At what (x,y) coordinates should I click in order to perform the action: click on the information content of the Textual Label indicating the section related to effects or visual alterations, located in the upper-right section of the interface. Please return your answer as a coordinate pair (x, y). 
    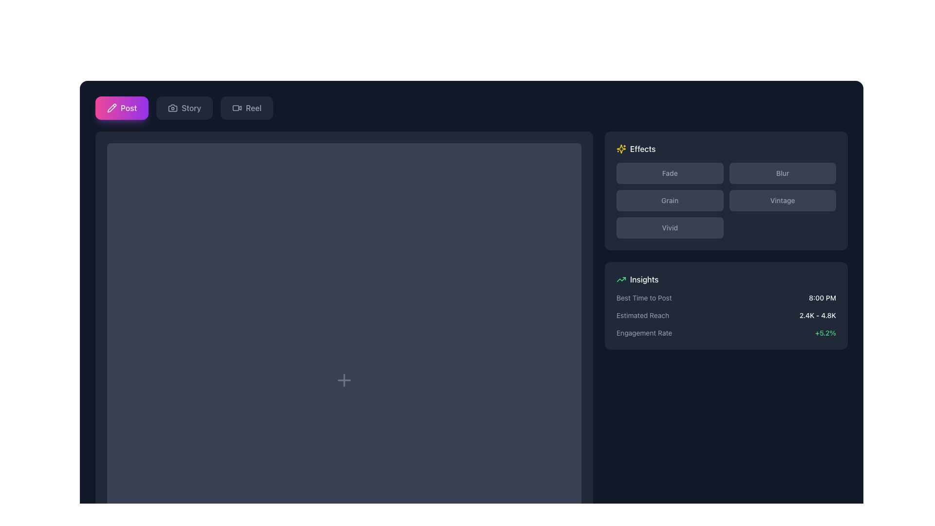
    Looking at the image, I should click on (643, 149).